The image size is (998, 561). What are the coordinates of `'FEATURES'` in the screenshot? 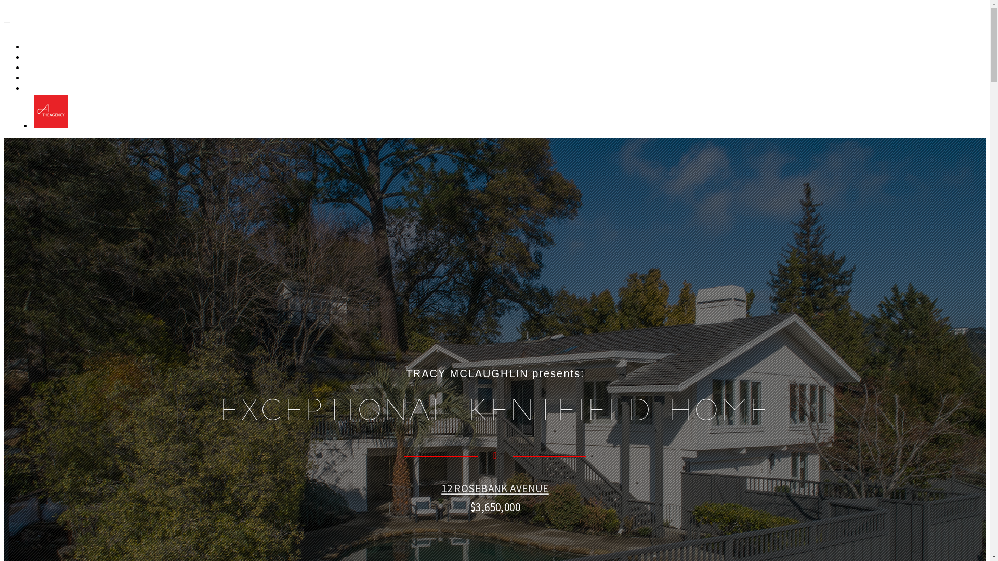 It's located at (47, 68).